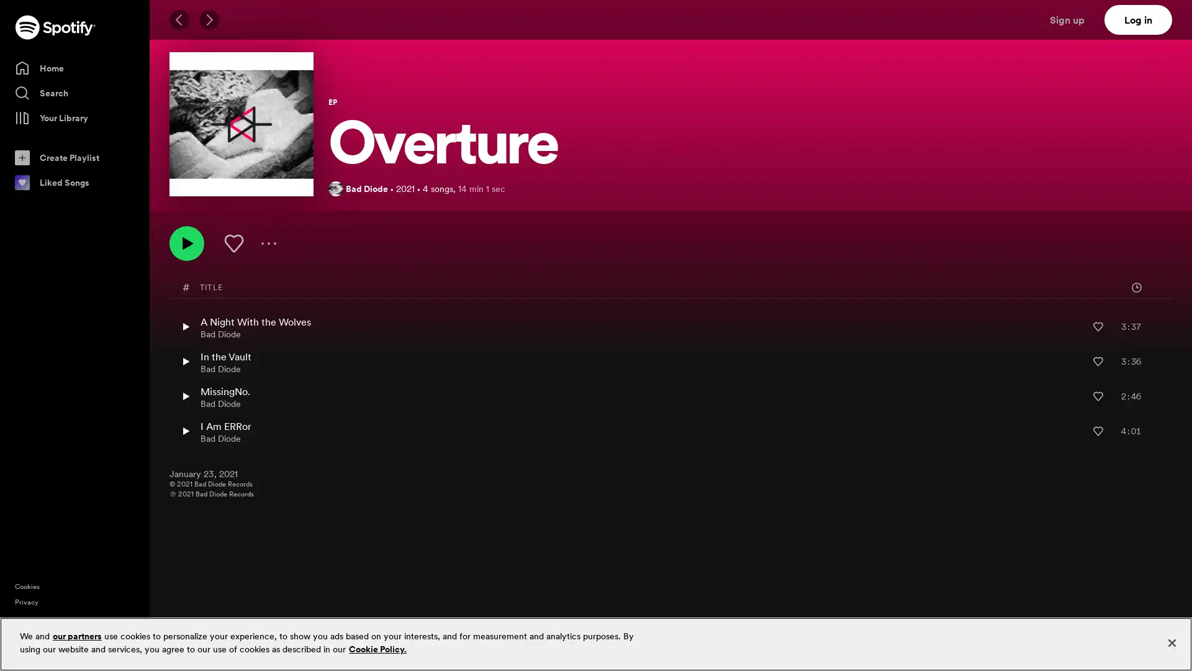 The width and height of the screenshot is (1192, 671). I want to click on Play, so click(186, 244).